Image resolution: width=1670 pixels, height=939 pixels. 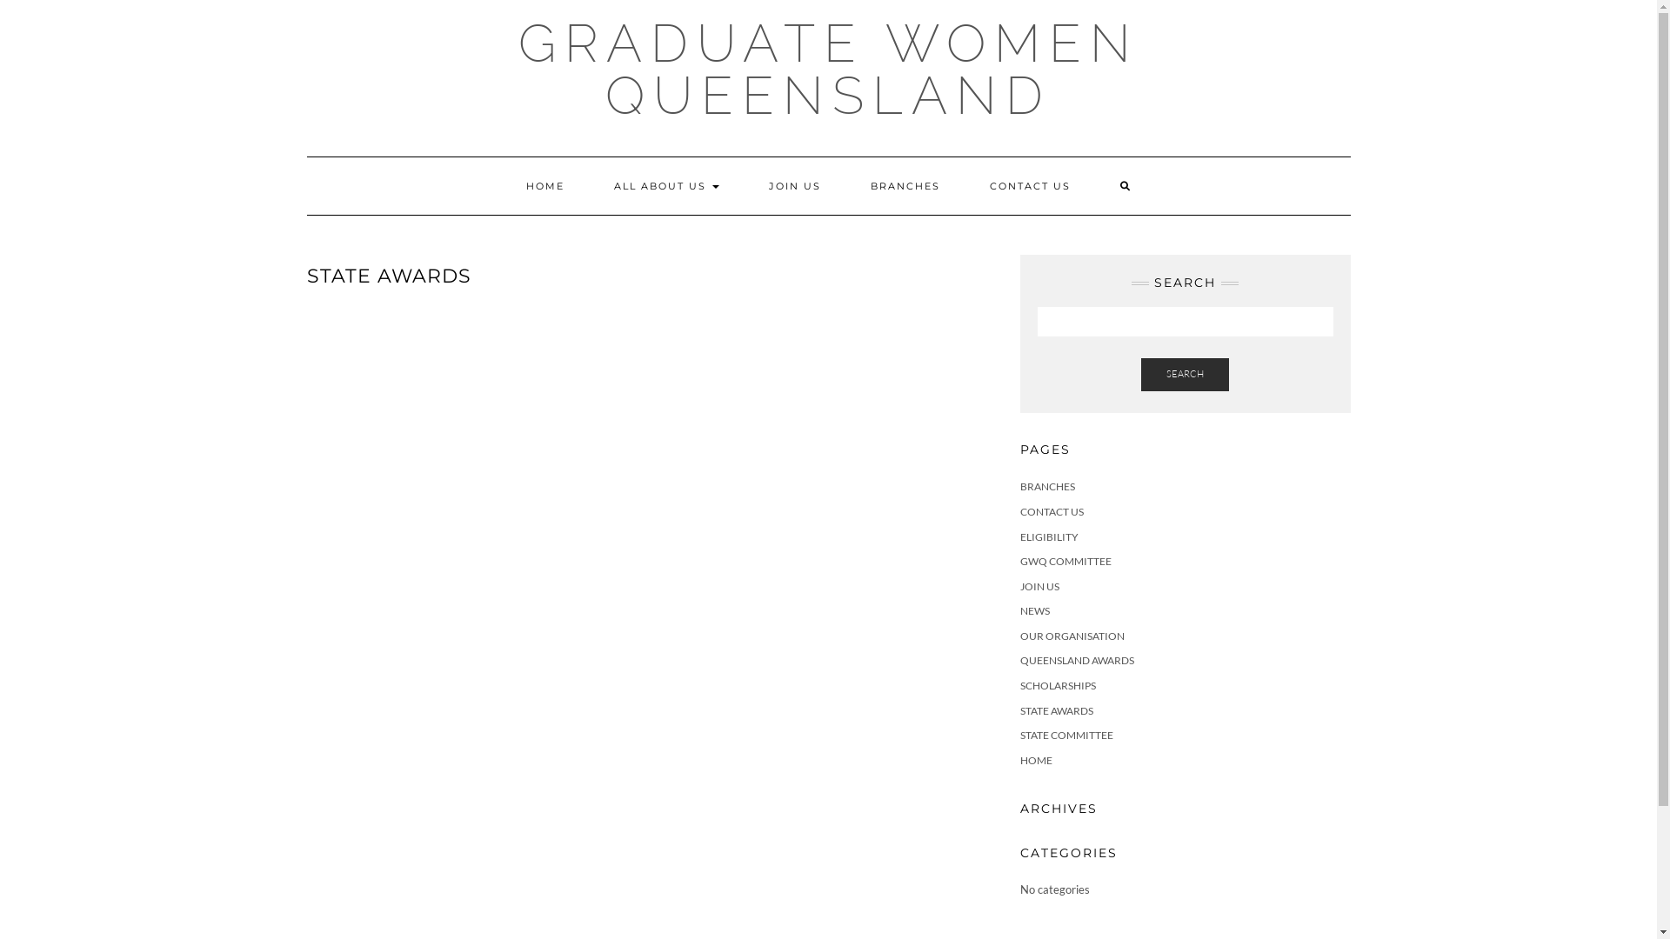 What do you see at coordinates (1045, 486) in the screenshot?
I see `'BRANCHES'` at bounding box center [1045, 486].